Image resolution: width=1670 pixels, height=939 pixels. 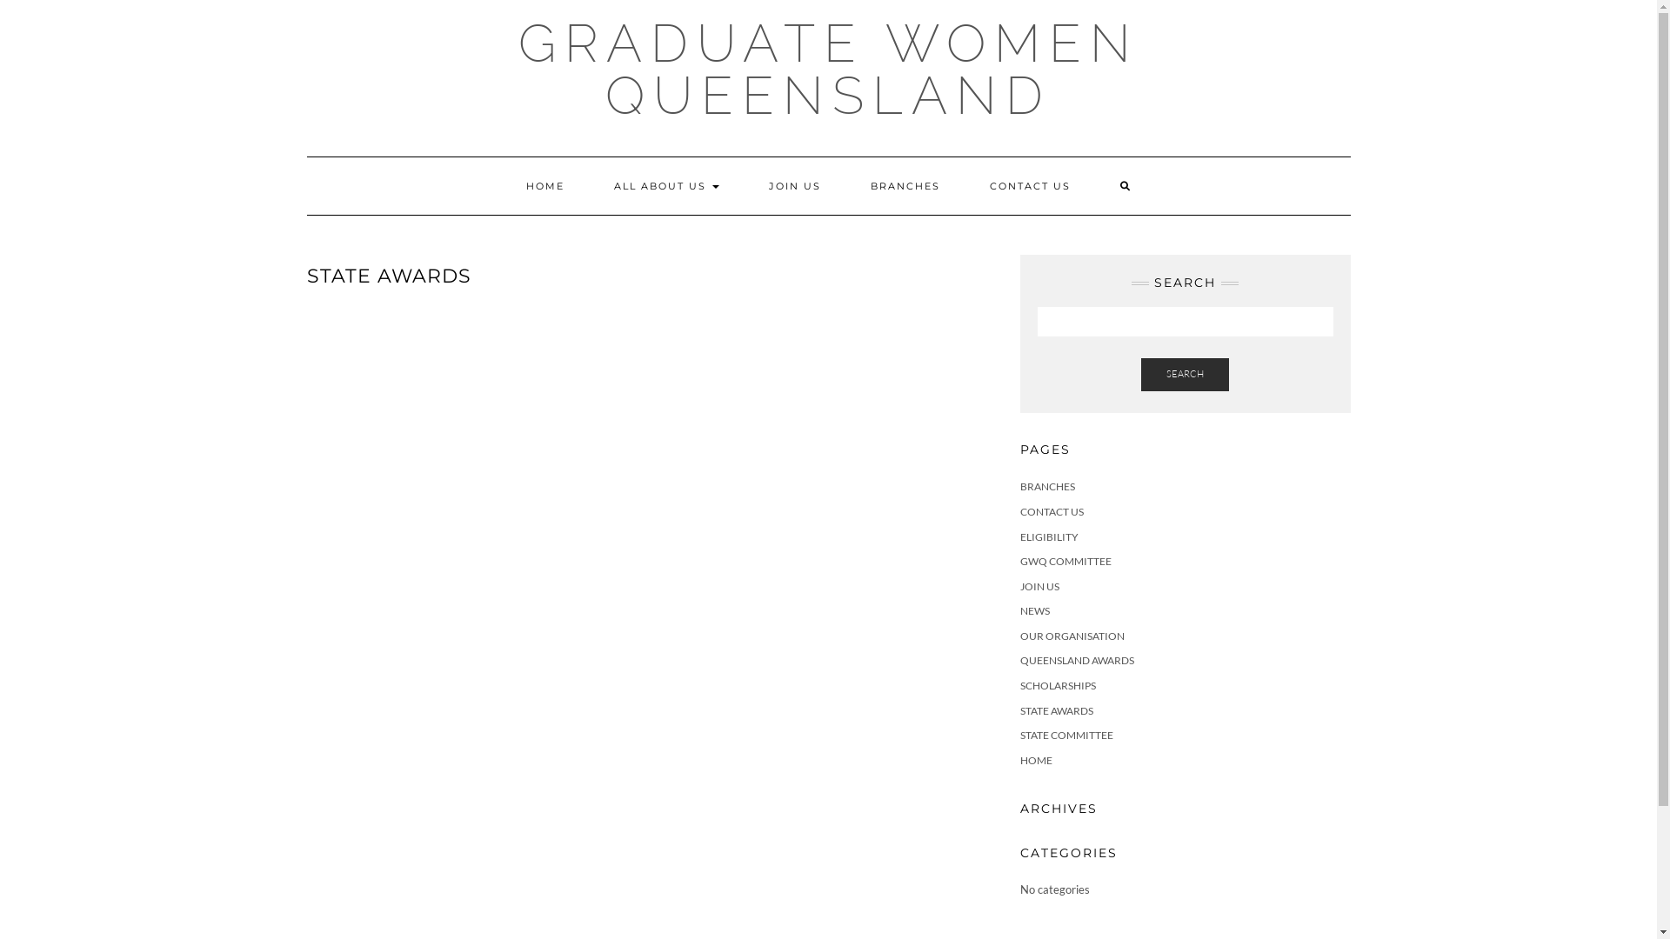 What do you see at coordinates (1045, 486) in the screenshot?
I see `'BRANCHES'` at bounding box center [1045, 486].